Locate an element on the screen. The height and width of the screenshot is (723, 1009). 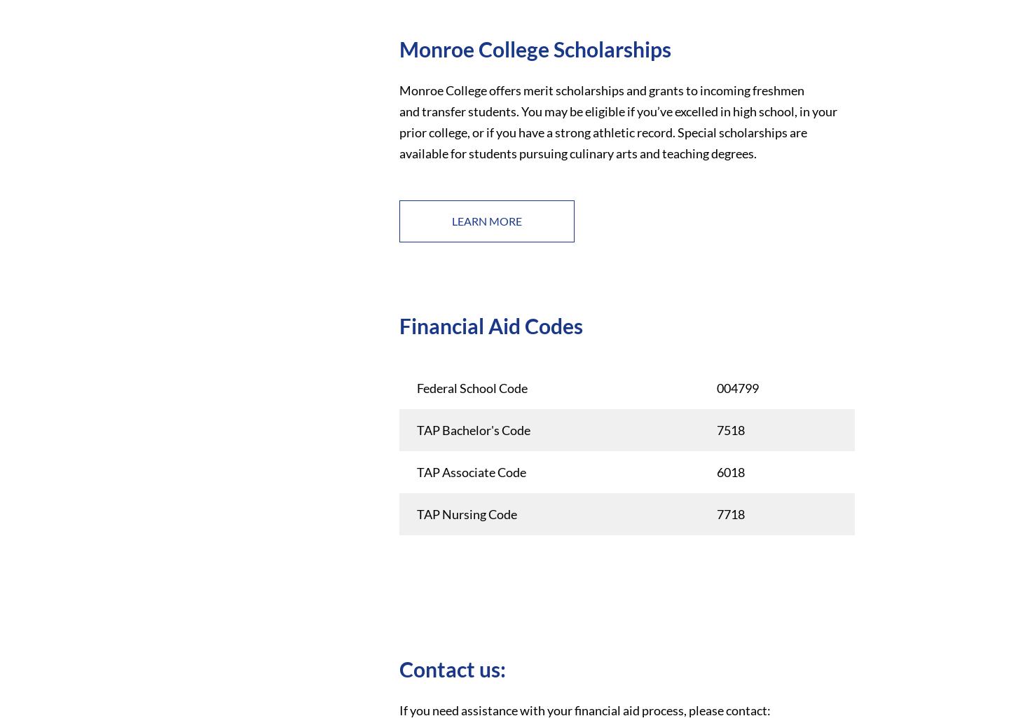
'6018' is located at coordinates (729, 470).